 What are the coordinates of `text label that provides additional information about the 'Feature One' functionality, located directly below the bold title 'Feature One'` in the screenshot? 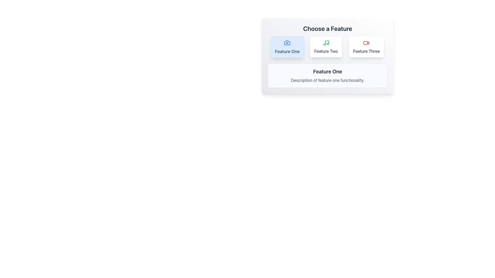 It's located at (327, 80).